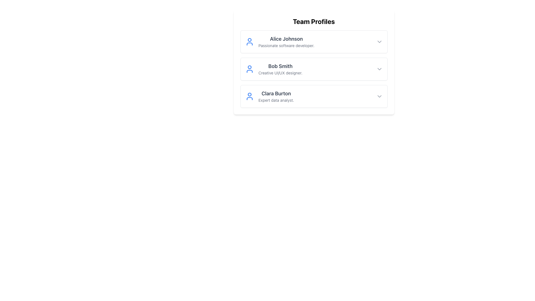  I want to click on text content of the first user profile card in the 'Team Profiles' section, which includes 'Alice Johnson' and 'Passionate software developer.', so click(286, 42).